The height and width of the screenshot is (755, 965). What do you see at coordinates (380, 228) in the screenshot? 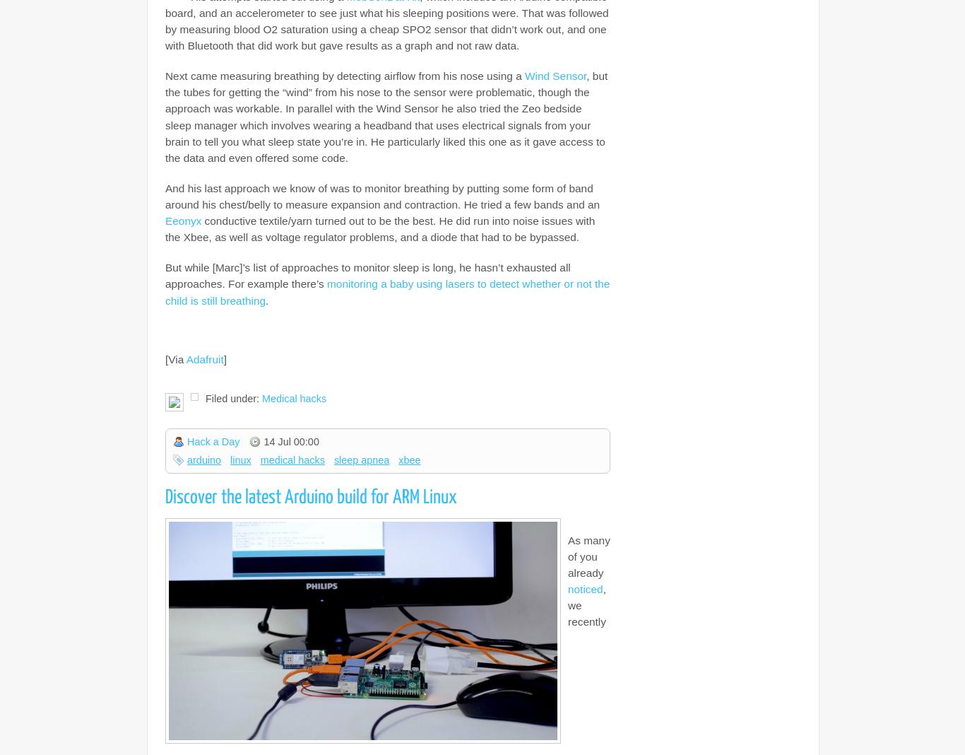
I see `'conductive textile/yarn turned out to be the best. He did run into noise issues with the Xbee, as well as voltage regulator problems, and a diode that had to be bypassed.'` at bounding box center [380, 228].